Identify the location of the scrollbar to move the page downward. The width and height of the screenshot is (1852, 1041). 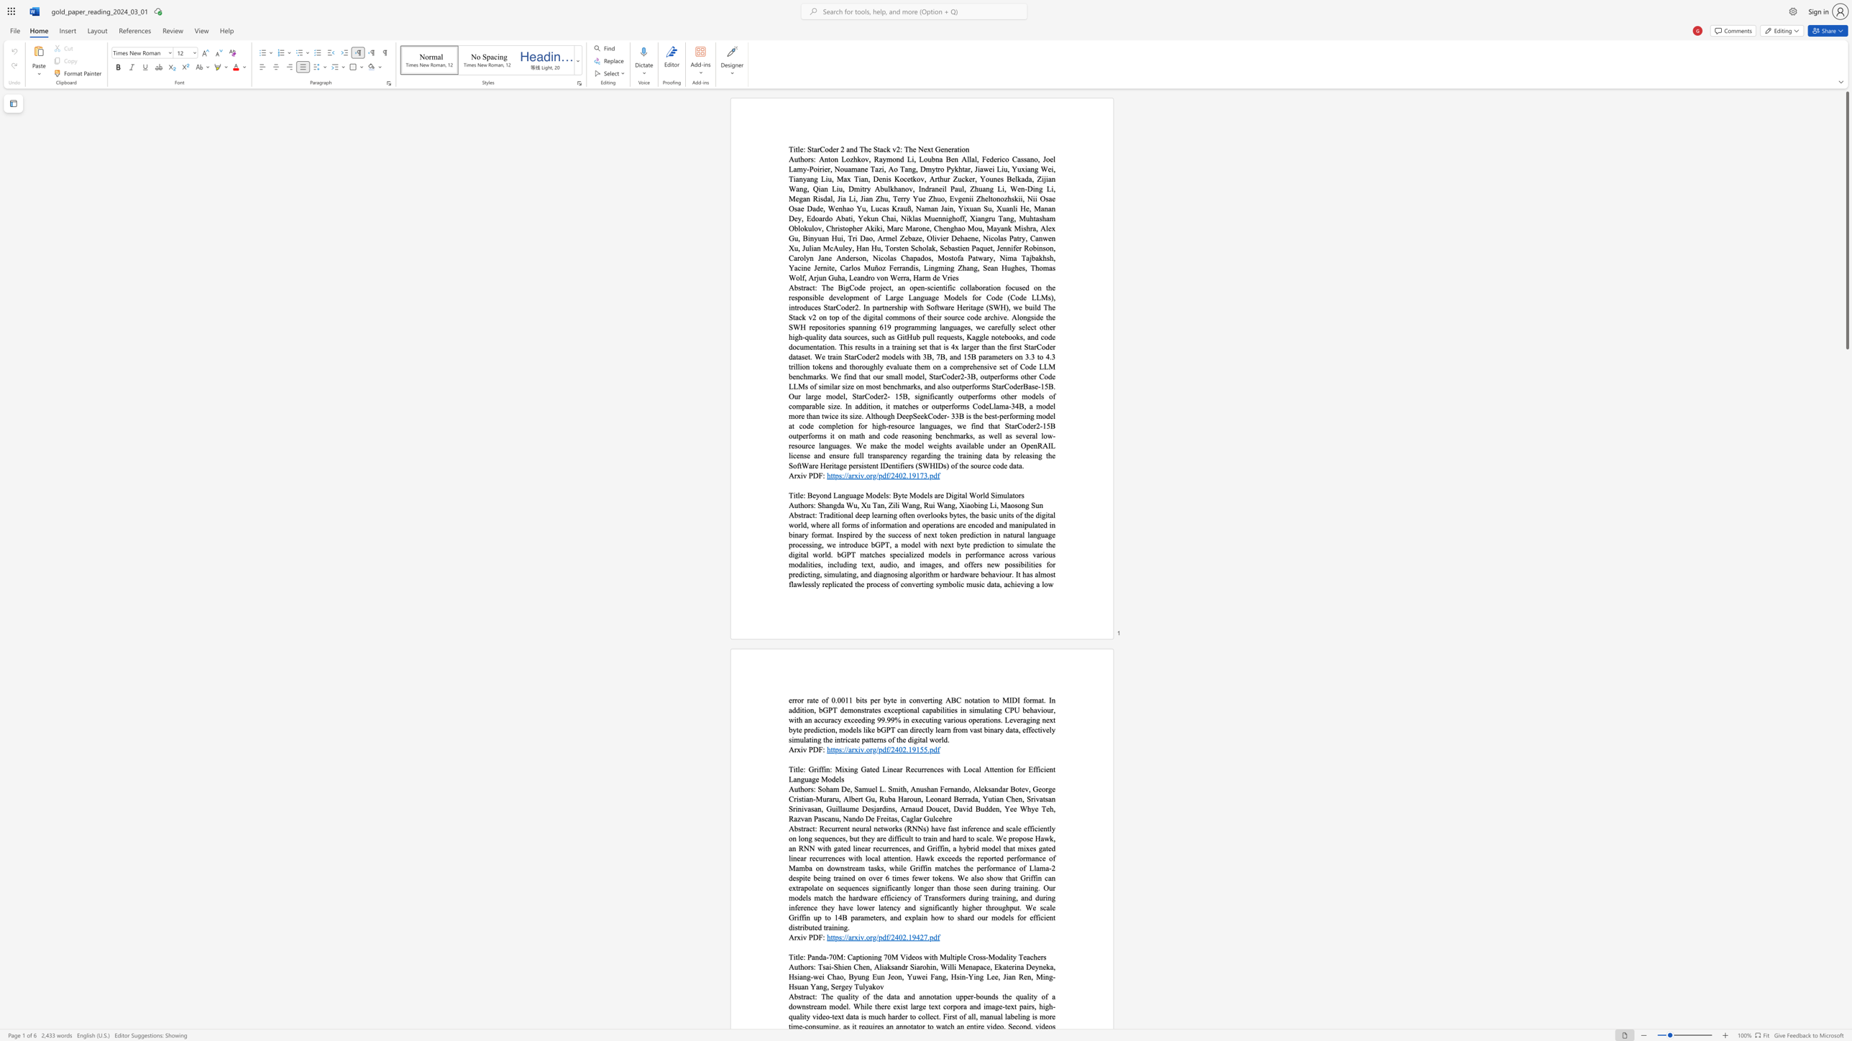
(1846, 635).